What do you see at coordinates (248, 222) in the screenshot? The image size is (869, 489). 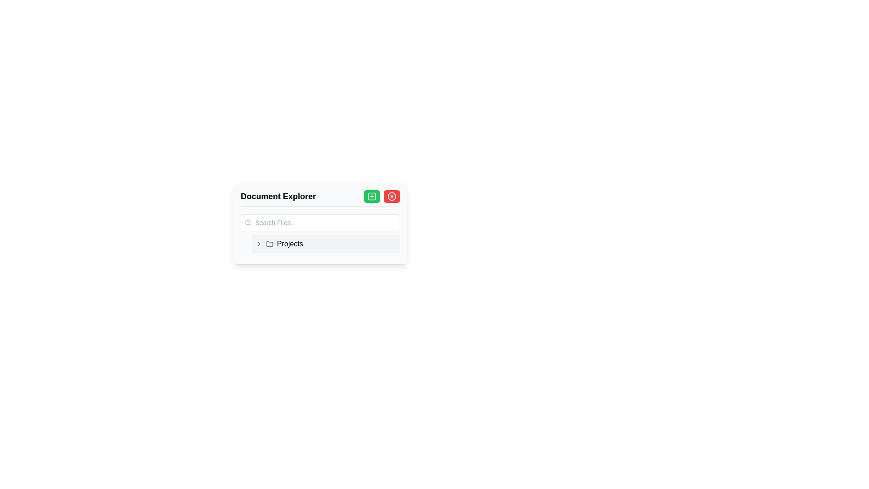 I see `the circular search icon element within the SVG that represents the search functionality, located towards the left of the 'Search Files...' input box` at bounding box center [248, 222].